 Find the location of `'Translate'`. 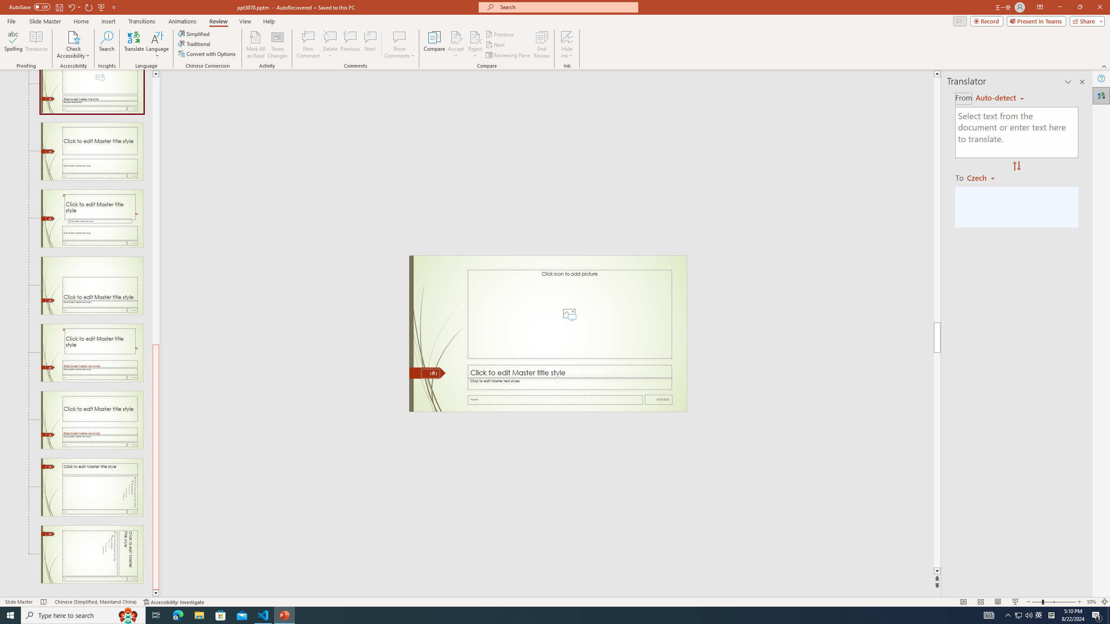

'Translate' is located at coordinates (134, 45).